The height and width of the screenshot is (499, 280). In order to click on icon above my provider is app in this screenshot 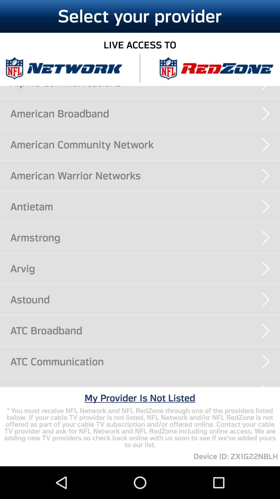, I will do `click(145, 387)`.